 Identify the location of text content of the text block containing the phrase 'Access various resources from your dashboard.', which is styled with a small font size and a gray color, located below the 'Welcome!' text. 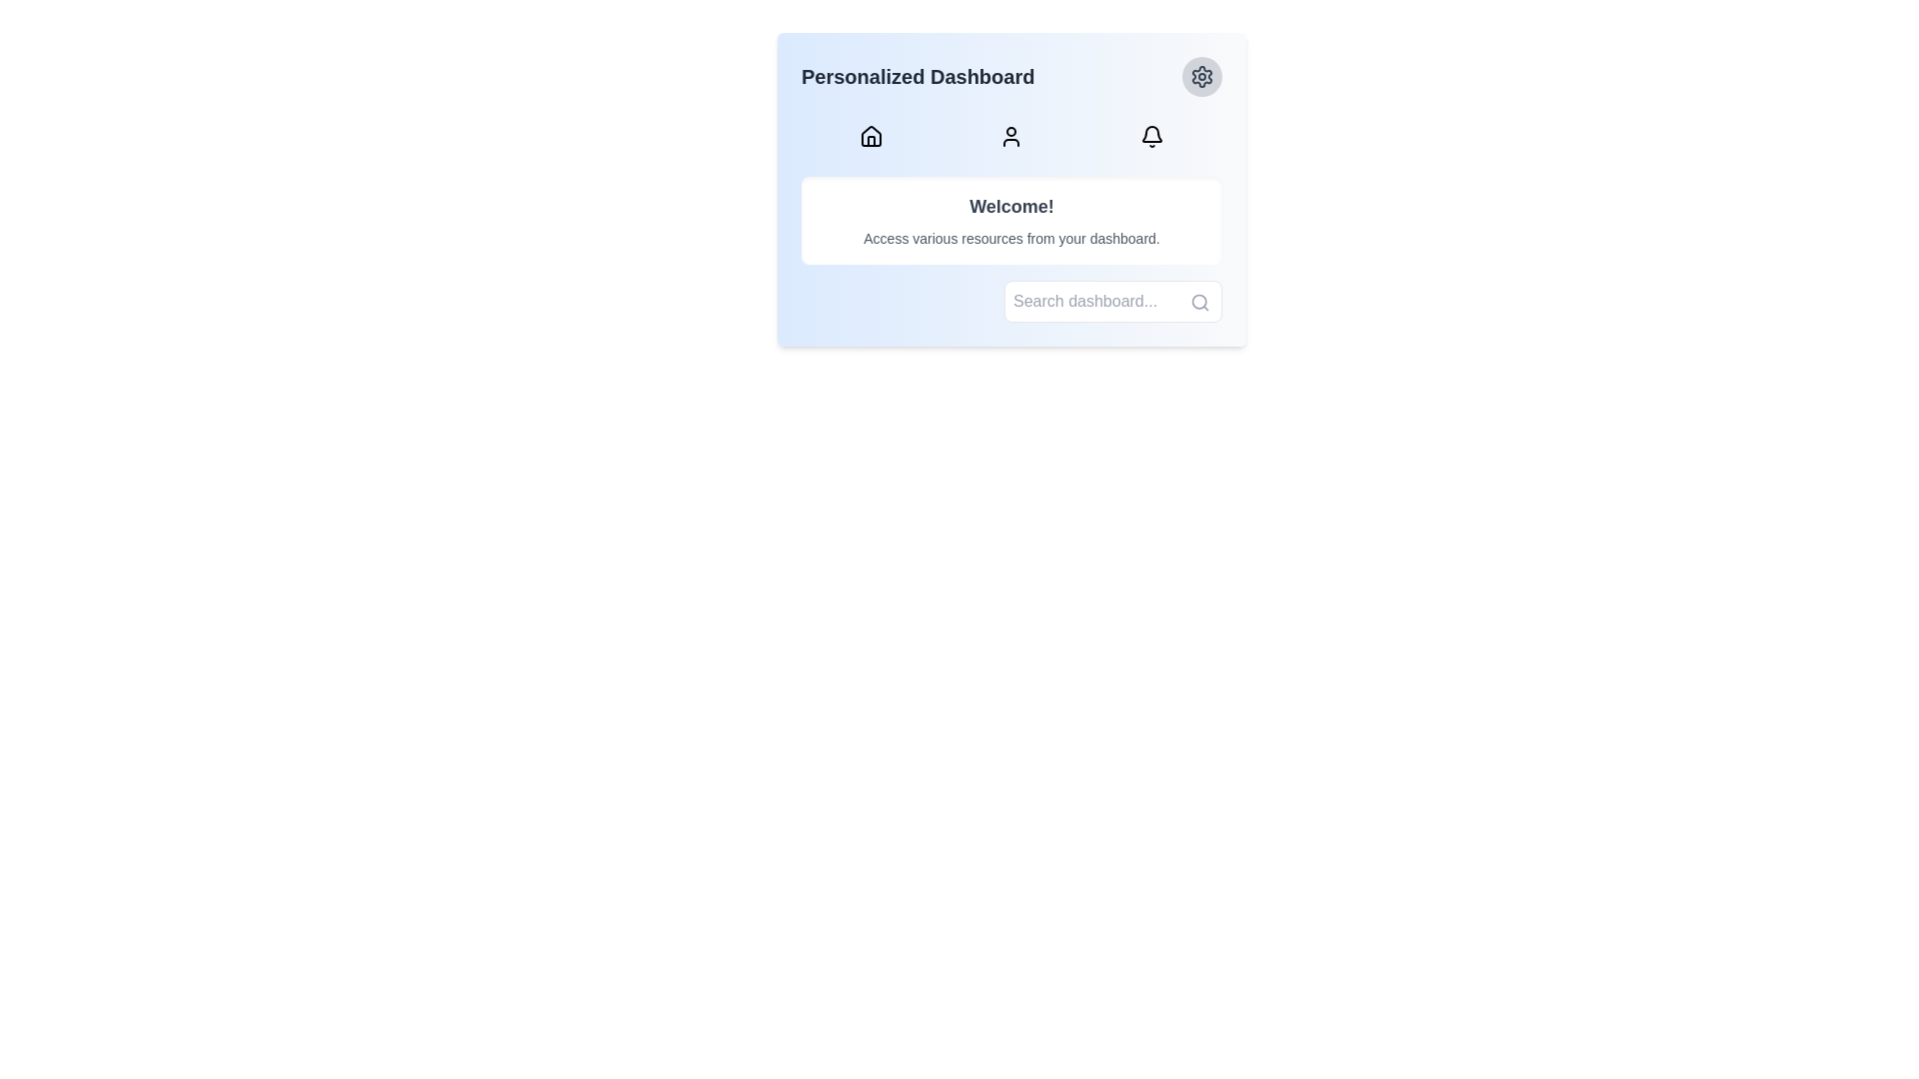
(1011, 238).